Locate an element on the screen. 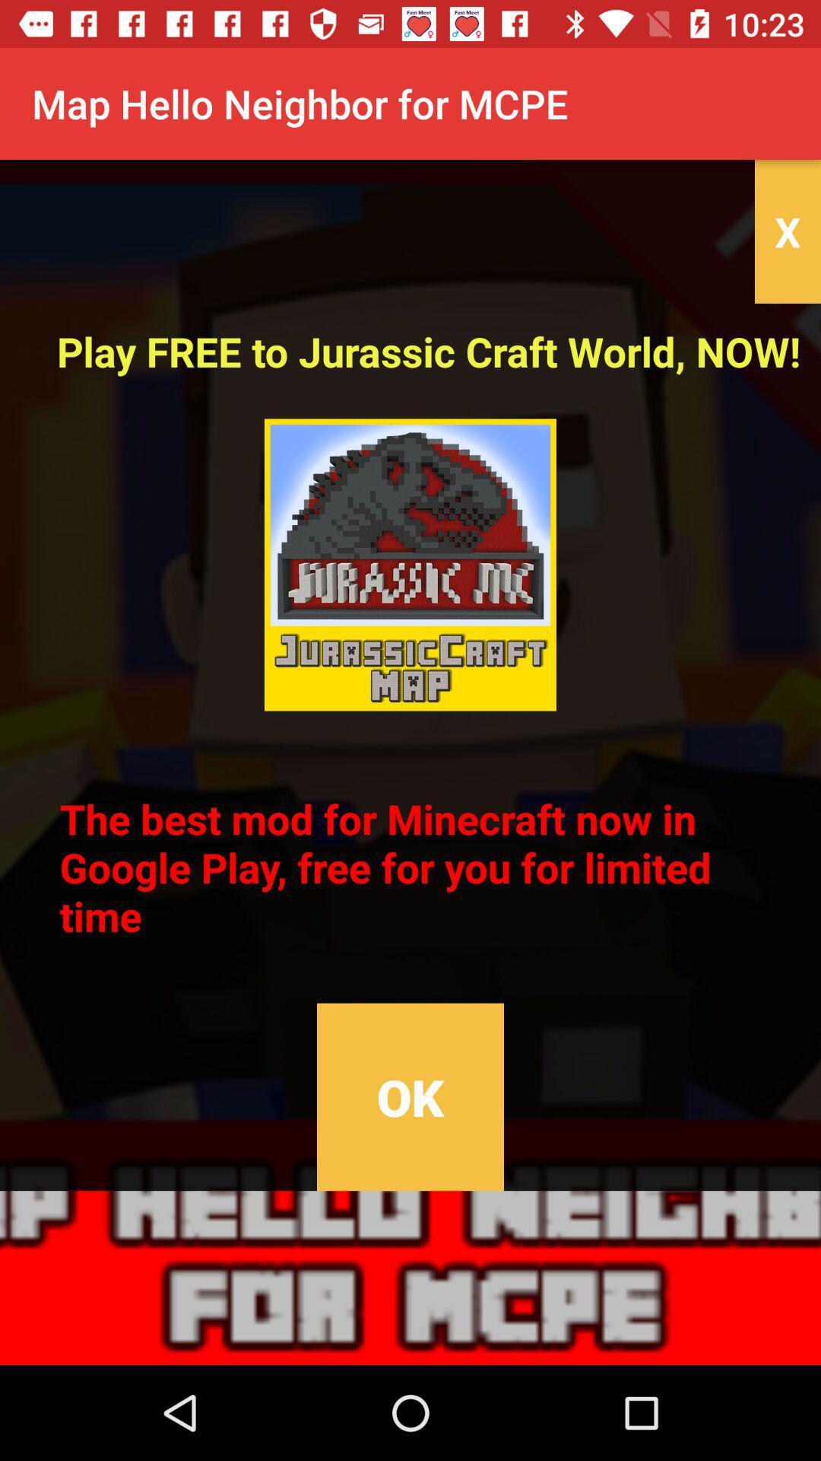  the item above play free to item is located at coordinates (787, 231).